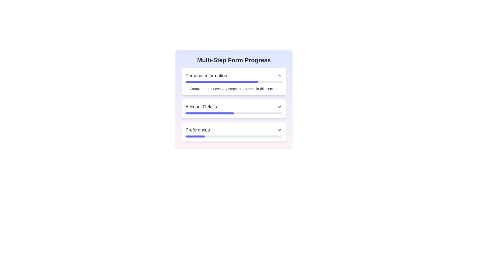 The image size is (482, 271). I want to click on supplementary text displayed in the 'Personal Information' section of the multi-step form, positioned above the 'Account Details' and 'Preferences' sections, so click(233, 82).